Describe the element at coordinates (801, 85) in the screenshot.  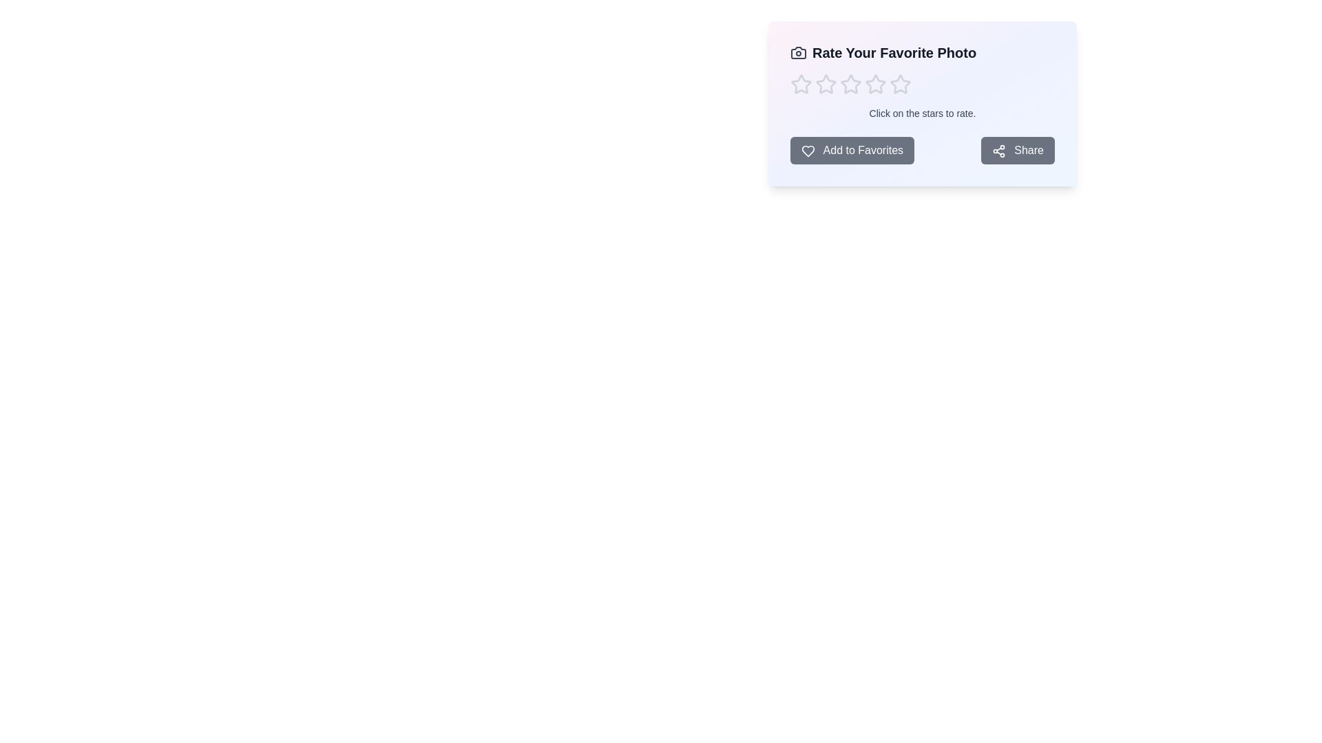
I see `the leftmost star rating button, which is the first in a sequence of five stars in the rating feature under the 'Rate Your Favorite Photo' header, to trigger a tooltip or visual feedback` at that location.